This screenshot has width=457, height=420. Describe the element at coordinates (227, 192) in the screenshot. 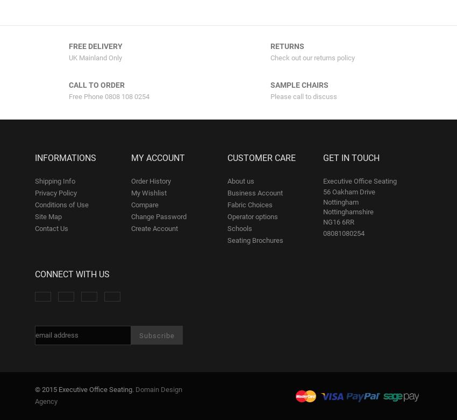

I see `'Business Account'` at that location.